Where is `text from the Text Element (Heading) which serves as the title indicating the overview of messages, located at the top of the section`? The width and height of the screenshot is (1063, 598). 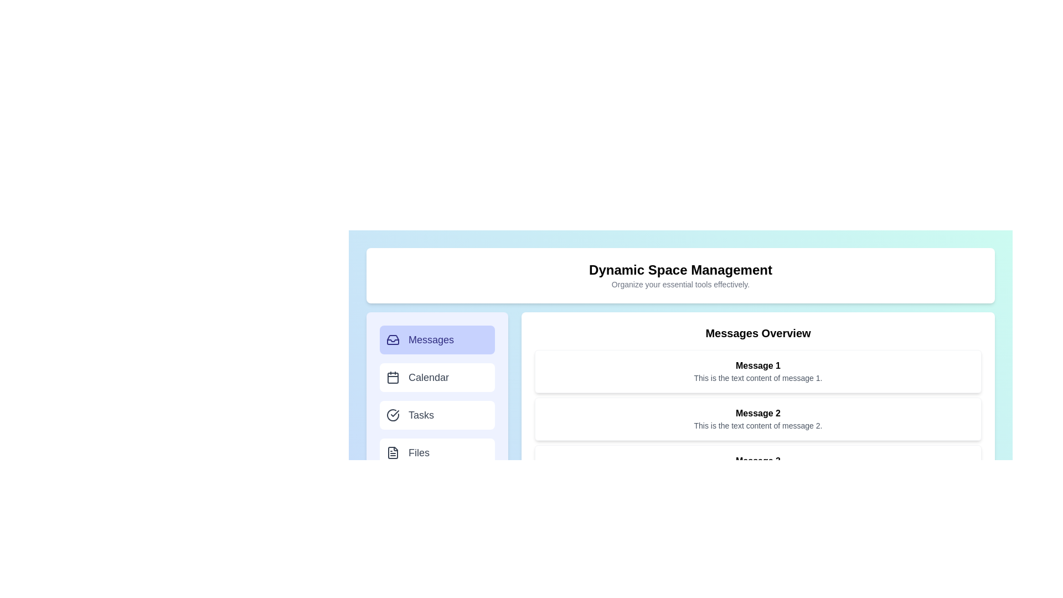
text from the Text Element (Heading) which serves as the title indicating the overview of messages, located at the top of the section is located at coordinates (757, 332).